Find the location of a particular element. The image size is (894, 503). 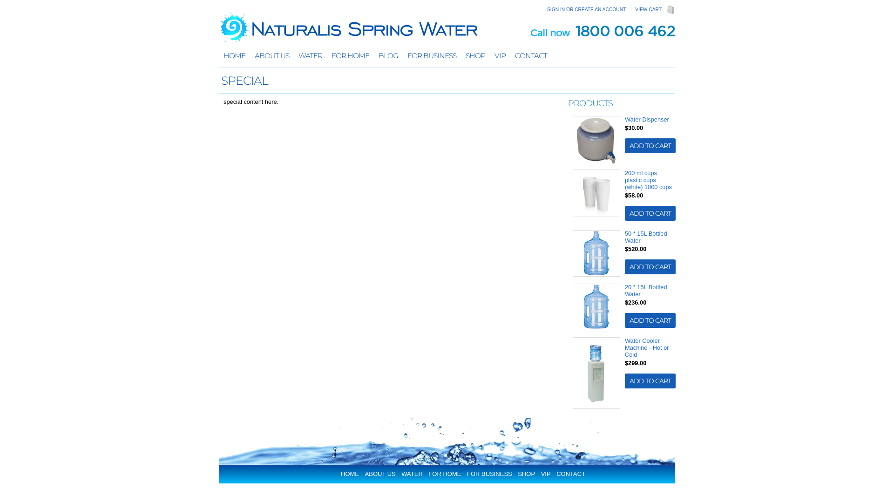

'Water Cooler Machine - Hot or Cold' is located at coordinates (625, 347).